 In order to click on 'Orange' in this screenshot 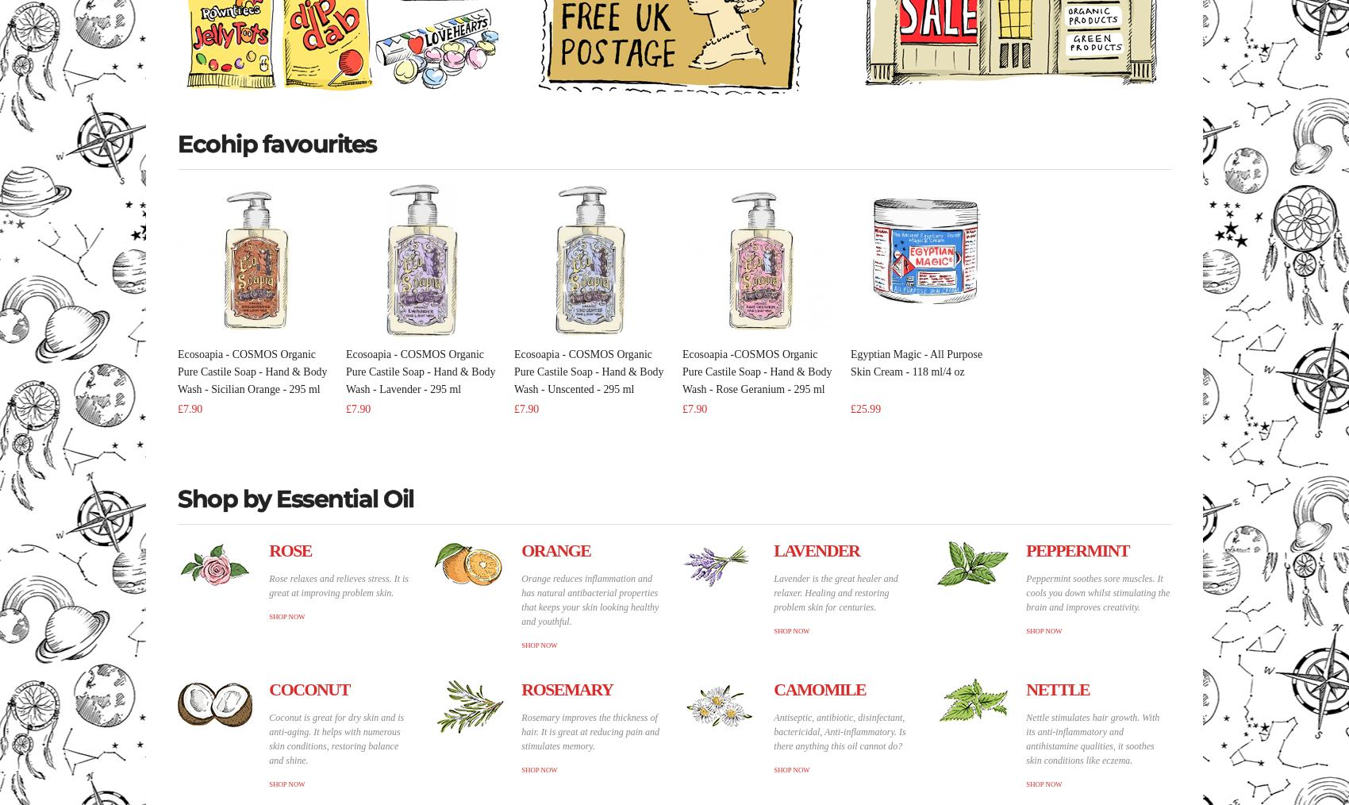, I will do `click(555, 549)`.